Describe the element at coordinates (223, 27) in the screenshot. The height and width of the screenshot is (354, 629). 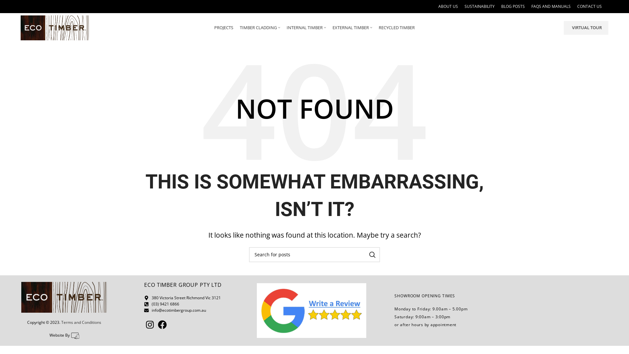
I see `'PROJECTS'` at that location.